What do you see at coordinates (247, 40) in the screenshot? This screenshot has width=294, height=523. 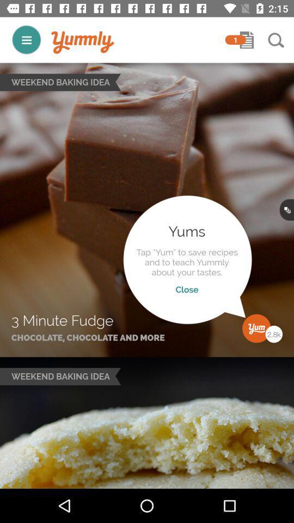 I see `message notification` at bounding box center [247, 40].